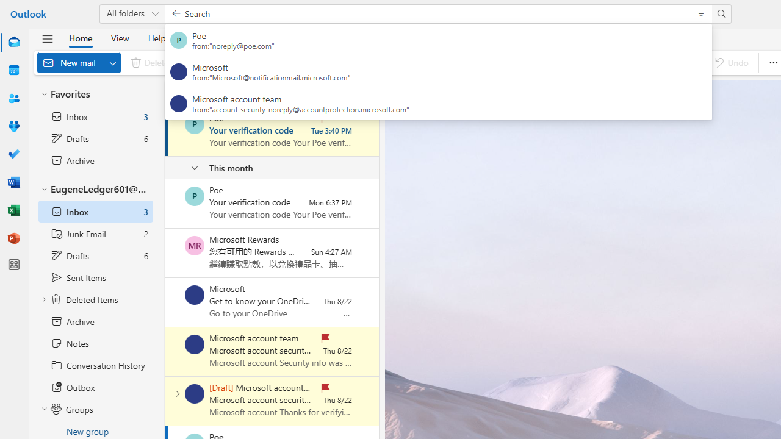  I want to click on 'Expand to see delete options', so click(176, 62).